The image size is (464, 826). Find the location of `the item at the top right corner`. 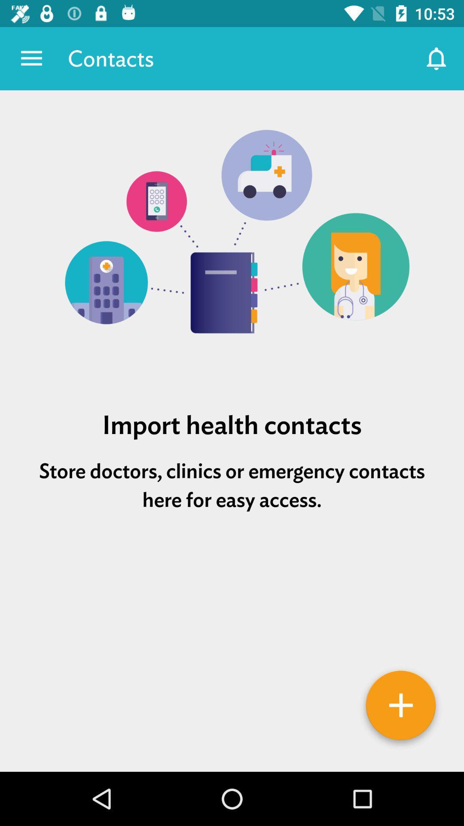

the item at the top right corner is located at coordinates (437, 58).